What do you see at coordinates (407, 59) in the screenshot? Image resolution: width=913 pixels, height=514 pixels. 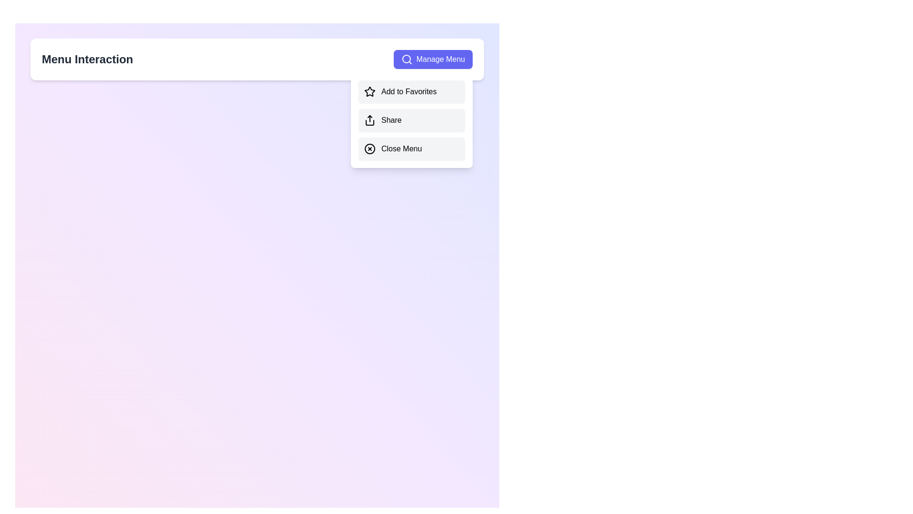 I see `the search icon located on the left side of the 'Manage Menu' button at the top right of the interface` at bounding box center [407, 59].